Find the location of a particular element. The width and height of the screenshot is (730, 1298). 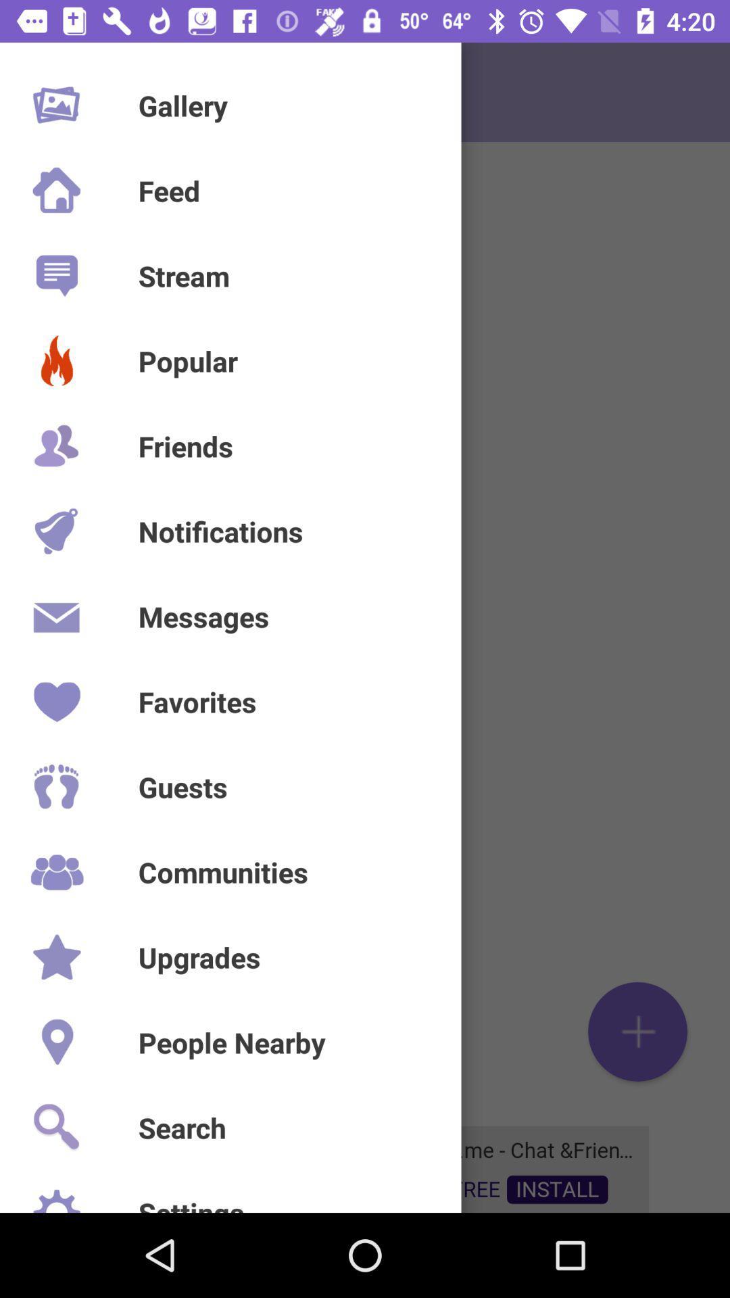

the add icon is located at coordinates (637, 1031).